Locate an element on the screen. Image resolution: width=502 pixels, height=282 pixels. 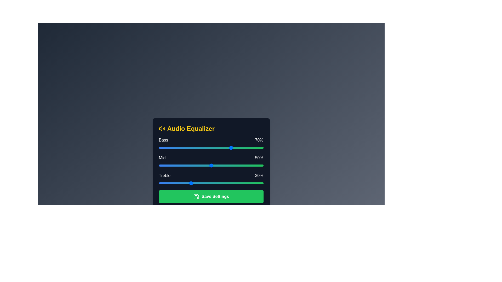
the 'Save Settings' button to save the current equalizer settings is located at coordinates (211, 196).